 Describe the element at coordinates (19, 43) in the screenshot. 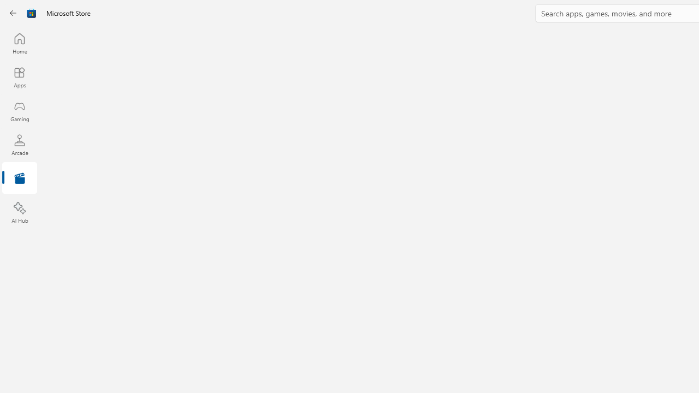

I see `'Home'` at that location.